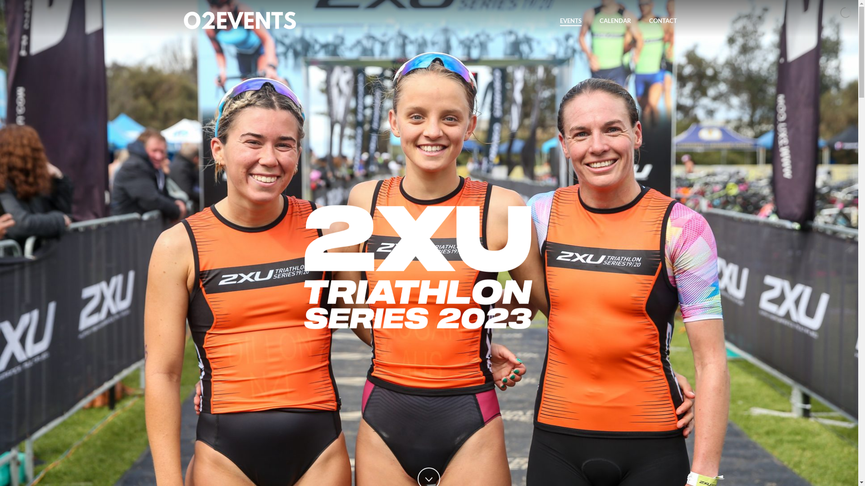  I want to click on 'CONTACT', so click(662, 20).